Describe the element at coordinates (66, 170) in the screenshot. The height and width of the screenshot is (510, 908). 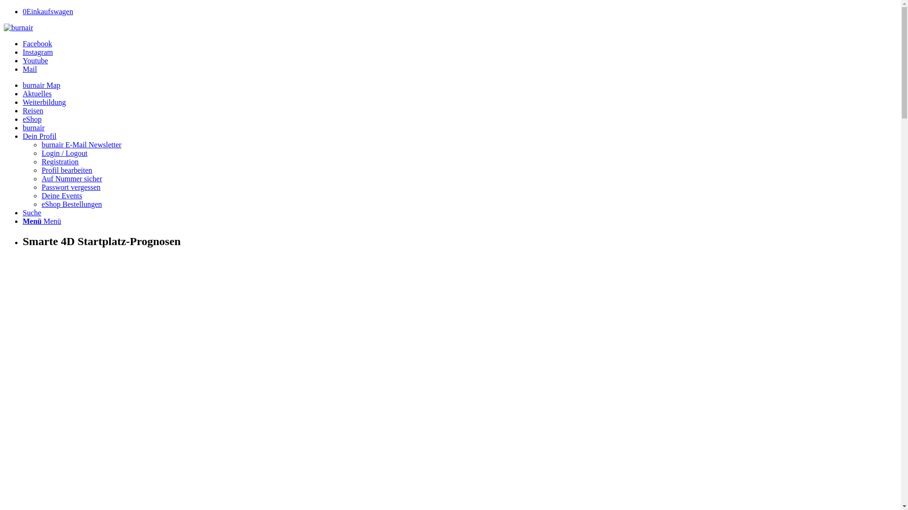
I see `'Profil bearbeiten'` at that location.